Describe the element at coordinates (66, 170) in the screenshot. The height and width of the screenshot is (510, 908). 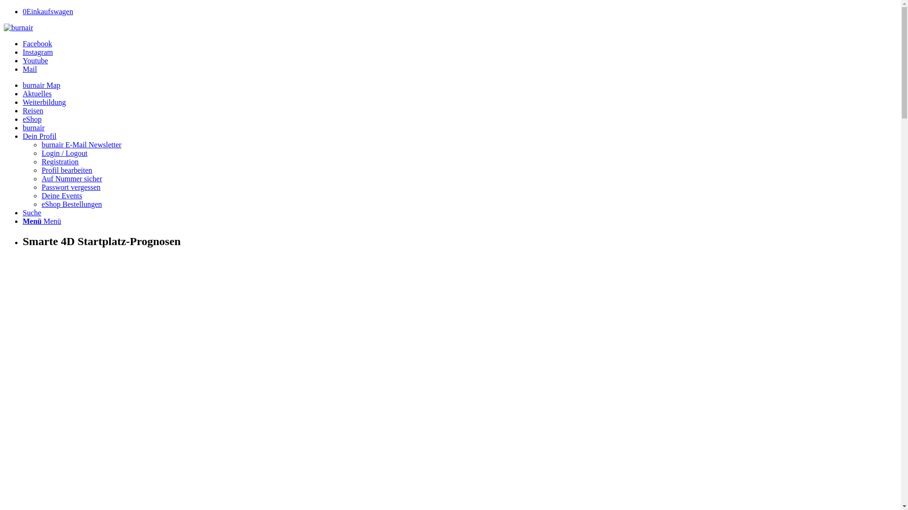
I see `'Profil bearbeiten'` at that location.